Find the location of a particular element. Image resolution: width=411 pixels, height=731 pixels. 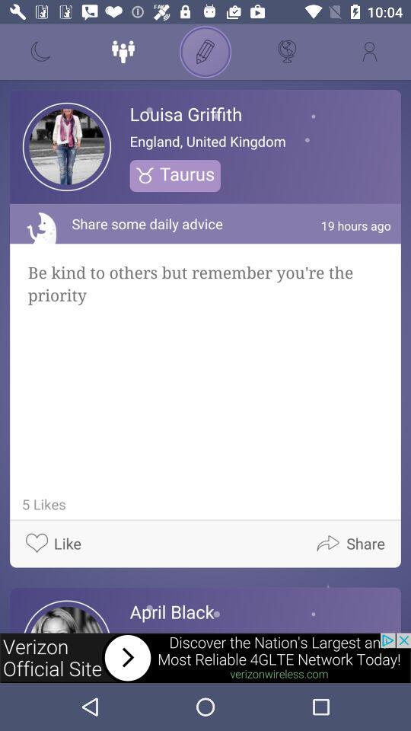

the edit icon is located at coordinates (205, 52).